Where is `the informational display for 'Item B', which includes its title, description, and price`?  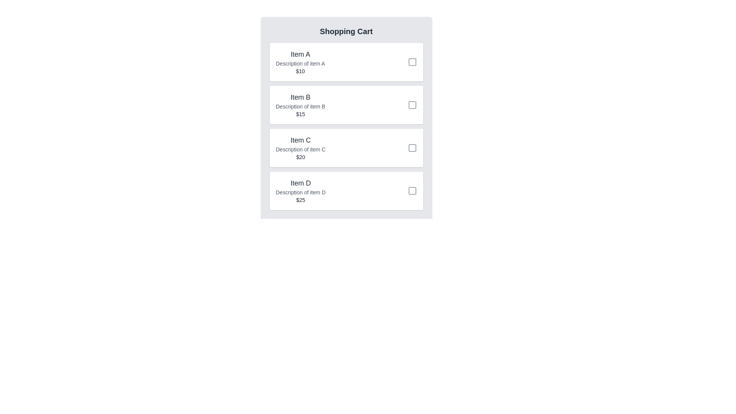
the informational display for 'Item B', which includes its title, description, and price is located at coordinates (300, 105).